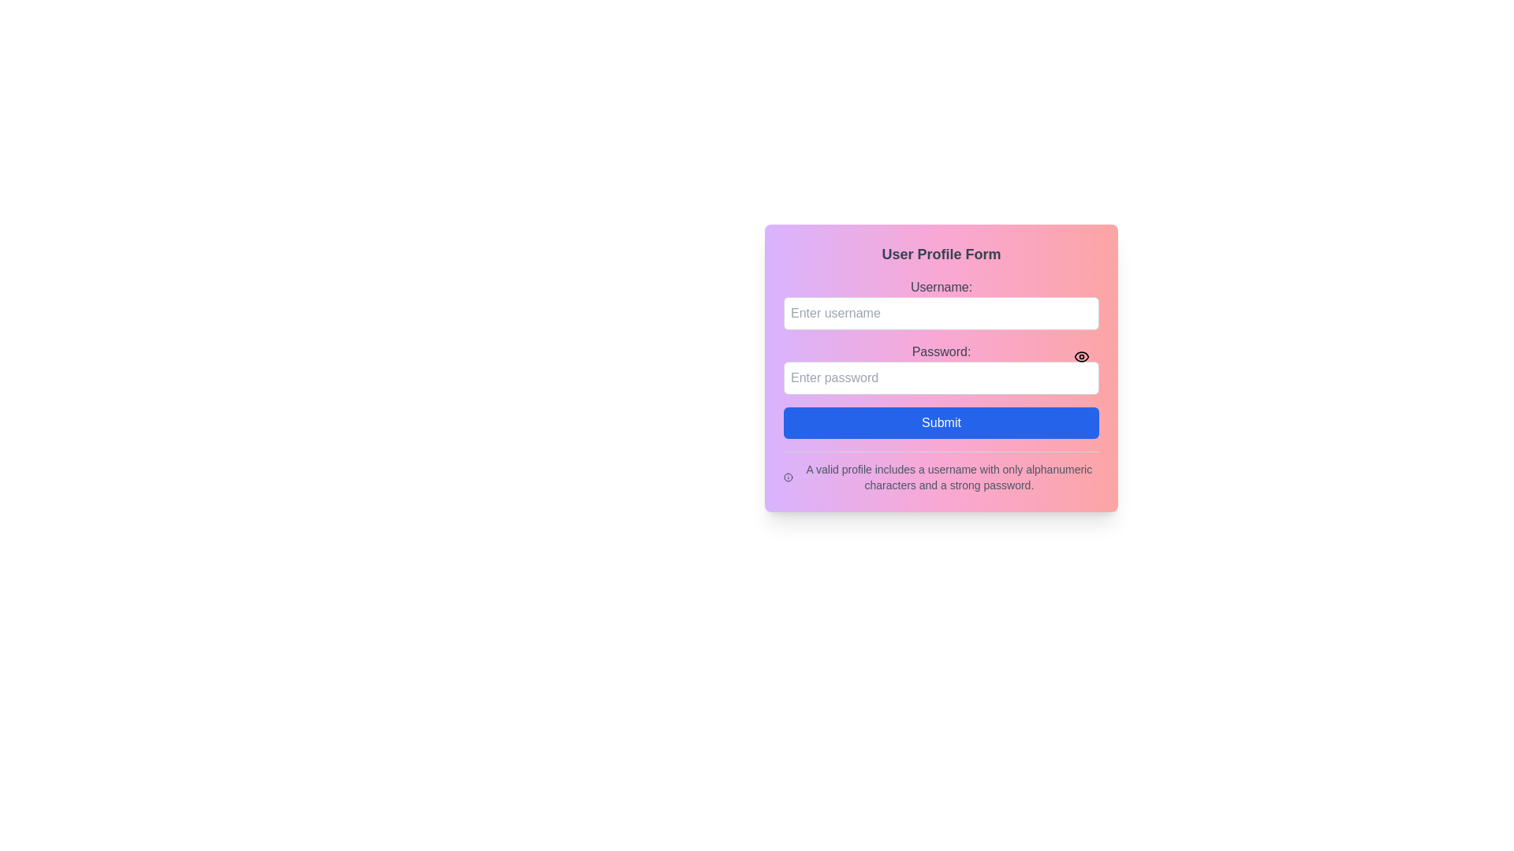 The height and width of the screenshot is (851, 1514). Describe the element at coordinates (788, 476) in the screenshot. I see `the Decorative circle shape (SVG component)` at that location.